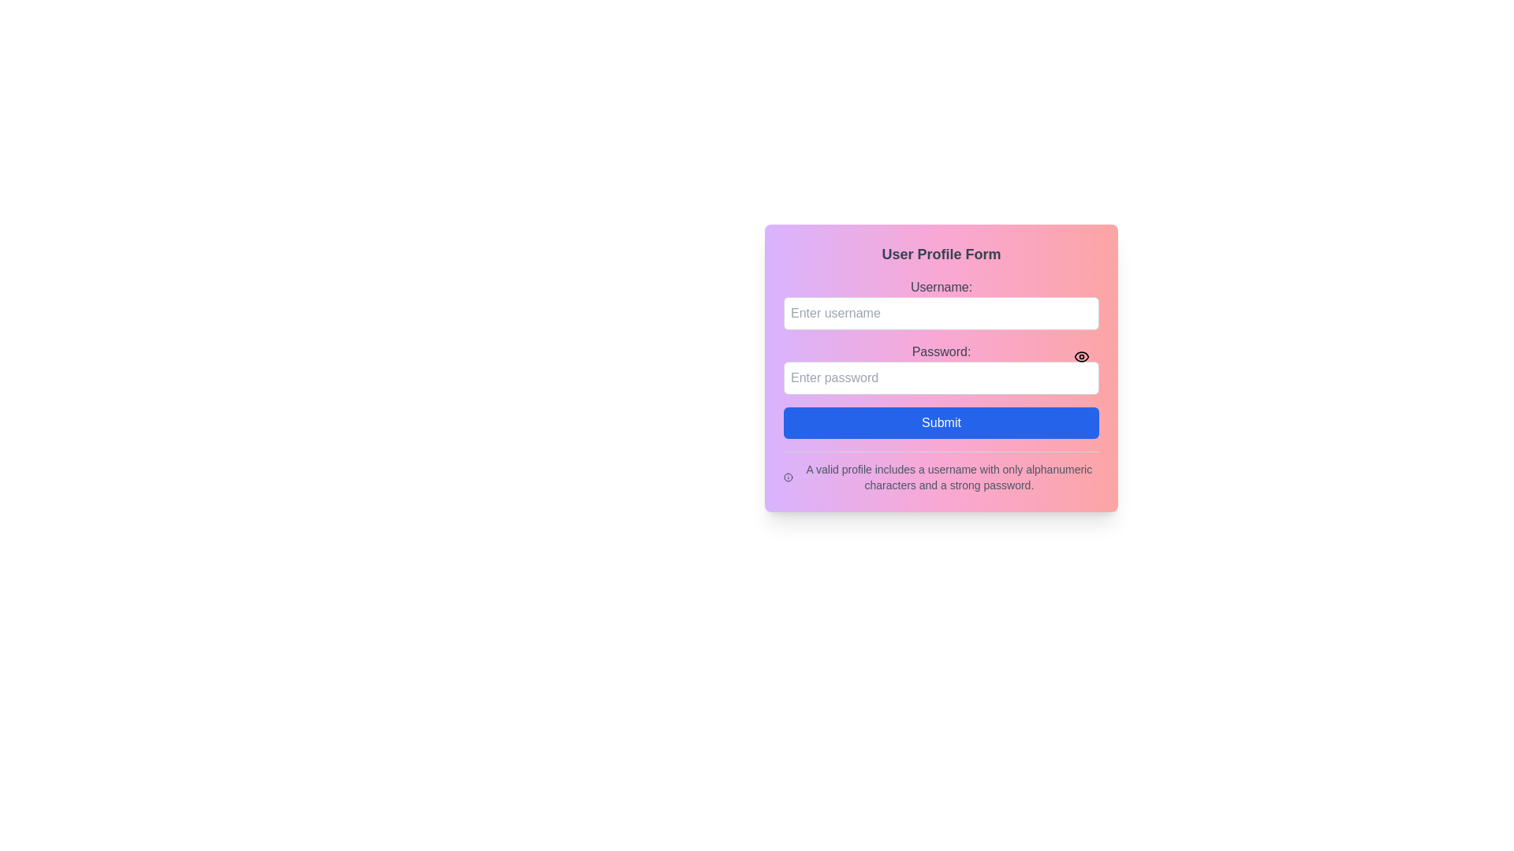 The height and width of the screenshot is (851, 1514). Describe the element at coordinates (788, 476) in the screenshot. I see `the Decorative circle shape (SVG component)` at that location.